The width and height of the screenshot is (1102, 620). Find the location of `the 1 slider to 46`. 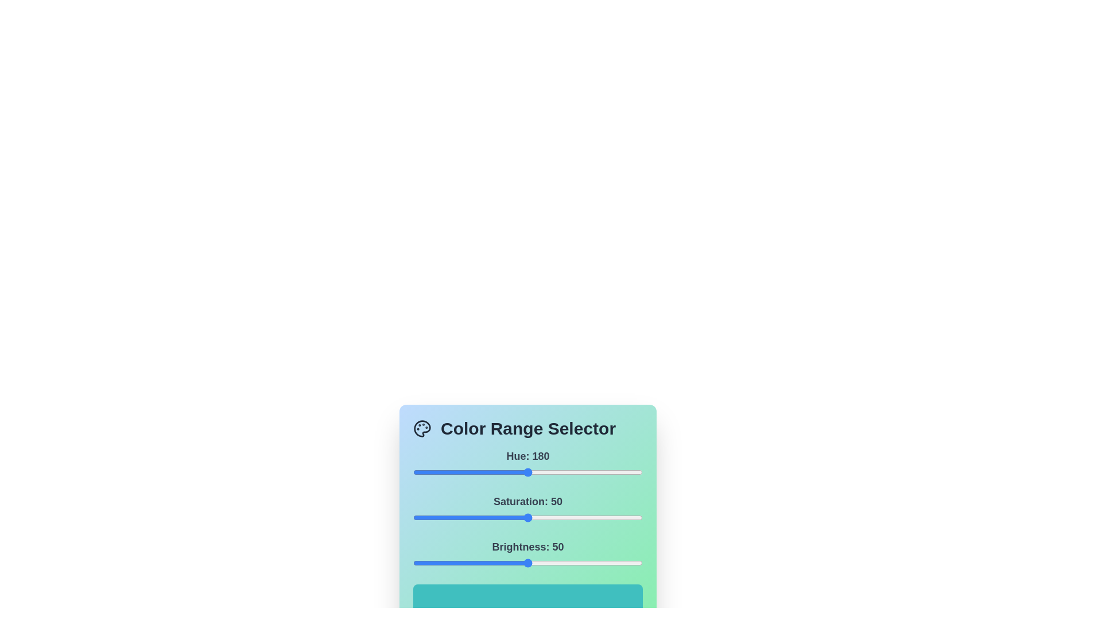

the 1 slider to 46 is located at coordinates (518, 518).